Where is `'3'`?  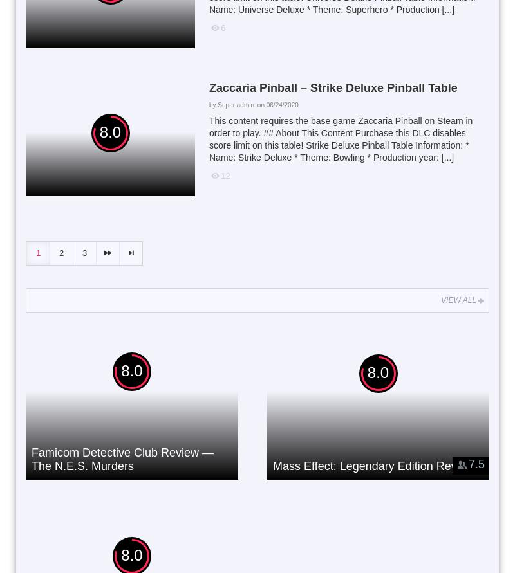
'3' is located at coordinates (84, 252).